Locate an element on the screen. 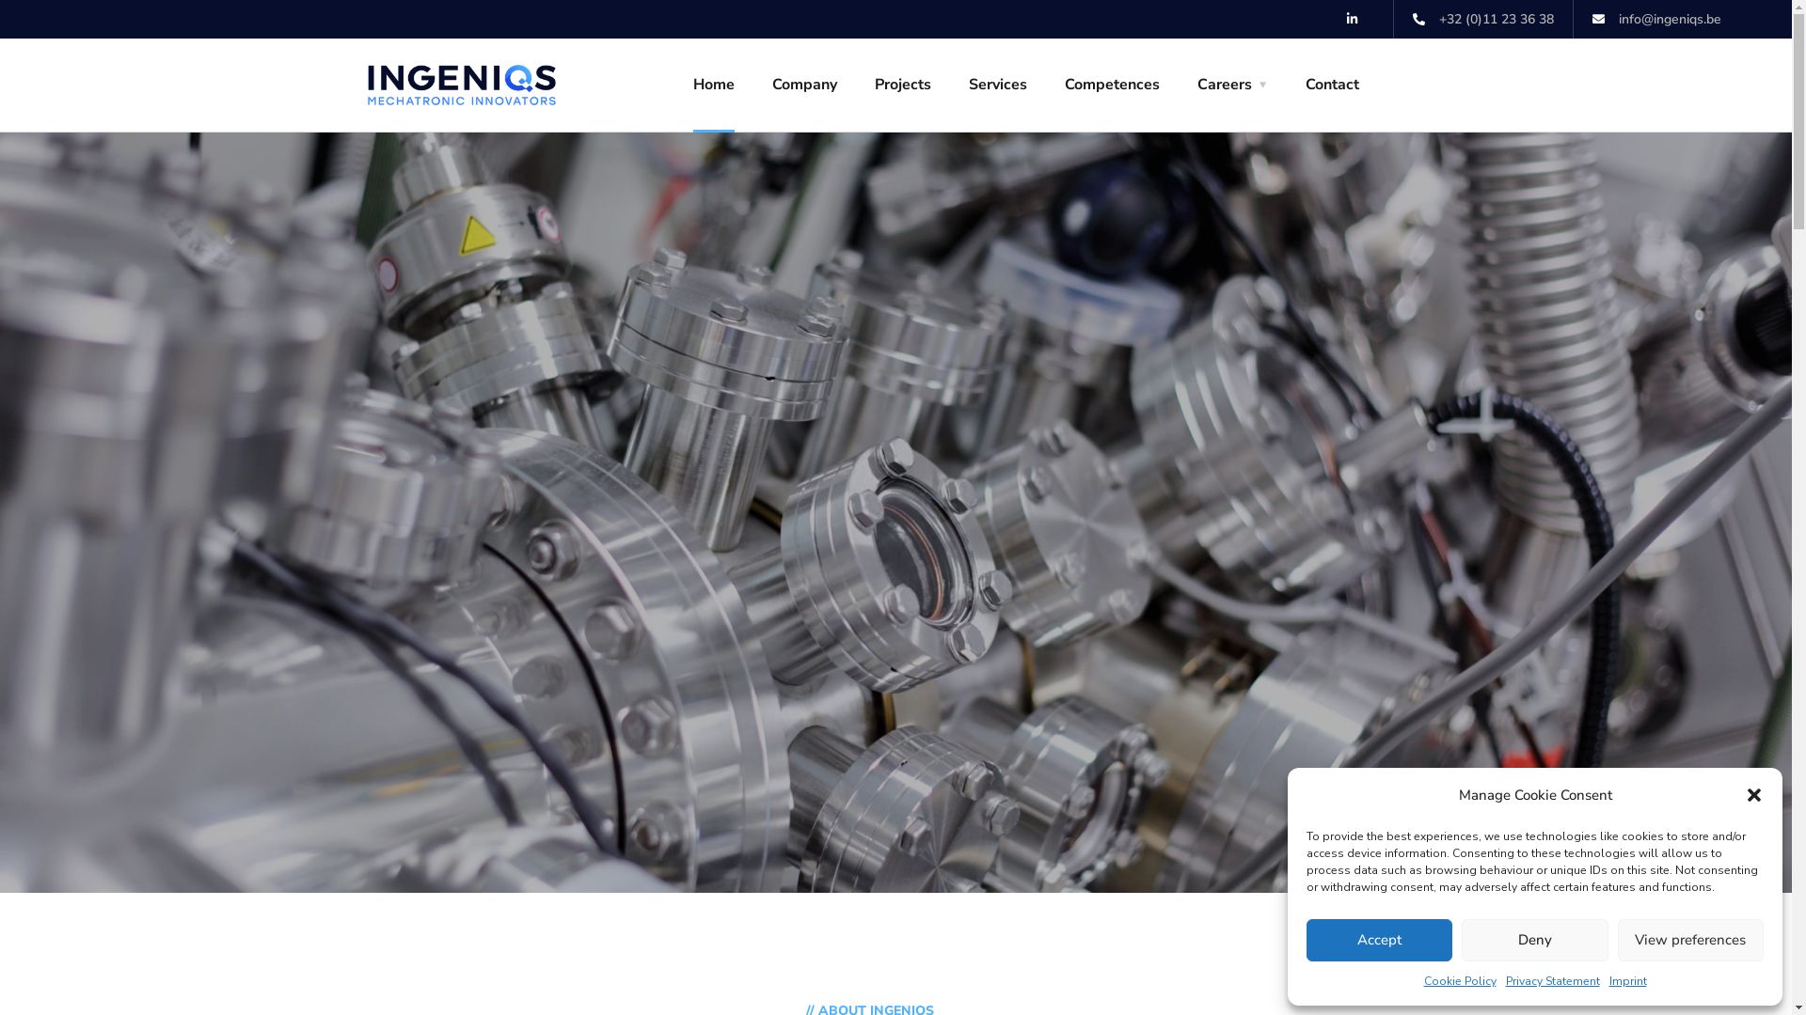  'Privacy Statement' is located at coordinates (1552, 979).